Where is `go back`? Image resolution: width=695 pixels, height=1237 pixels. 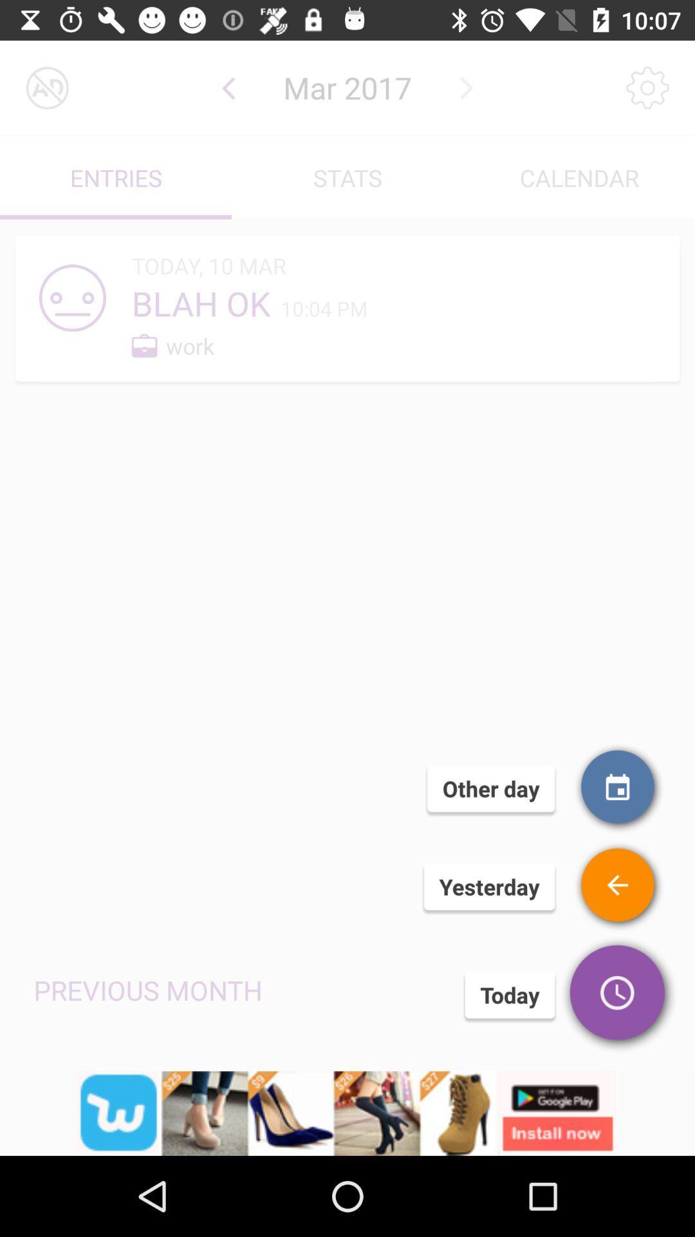 go back is located at coordinates (228, 87).